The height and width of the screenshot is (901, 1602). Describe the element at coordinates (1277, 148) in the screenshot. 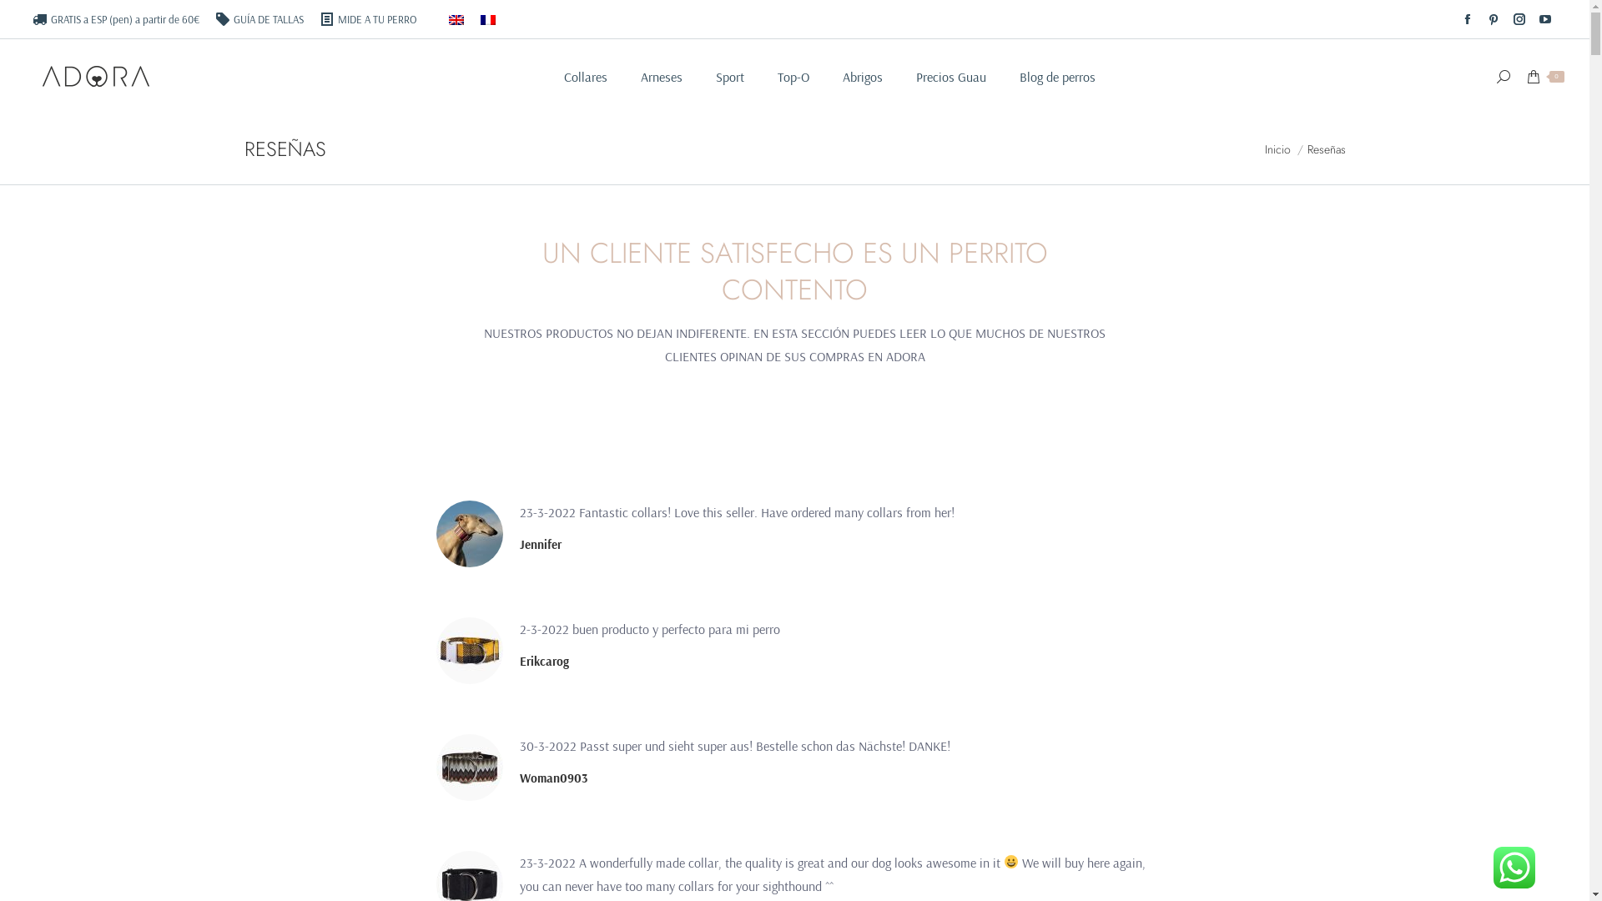

I see `'Inicio'` at that location.